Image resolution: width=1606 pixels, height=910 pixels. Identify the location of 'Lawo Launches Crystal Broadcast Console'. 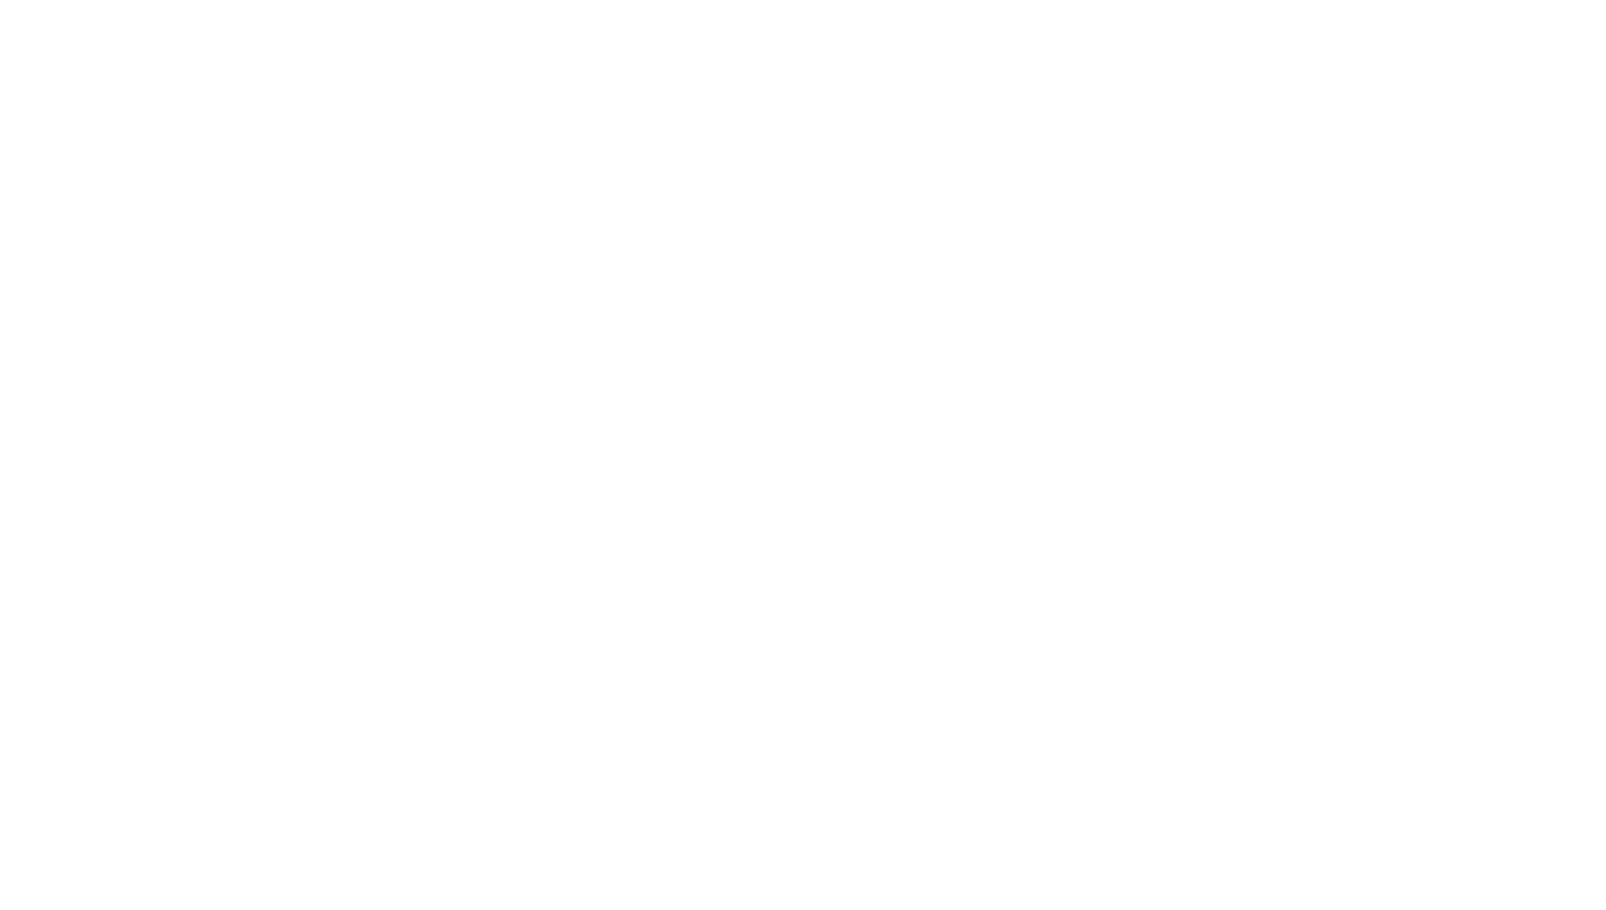
(679, 648).